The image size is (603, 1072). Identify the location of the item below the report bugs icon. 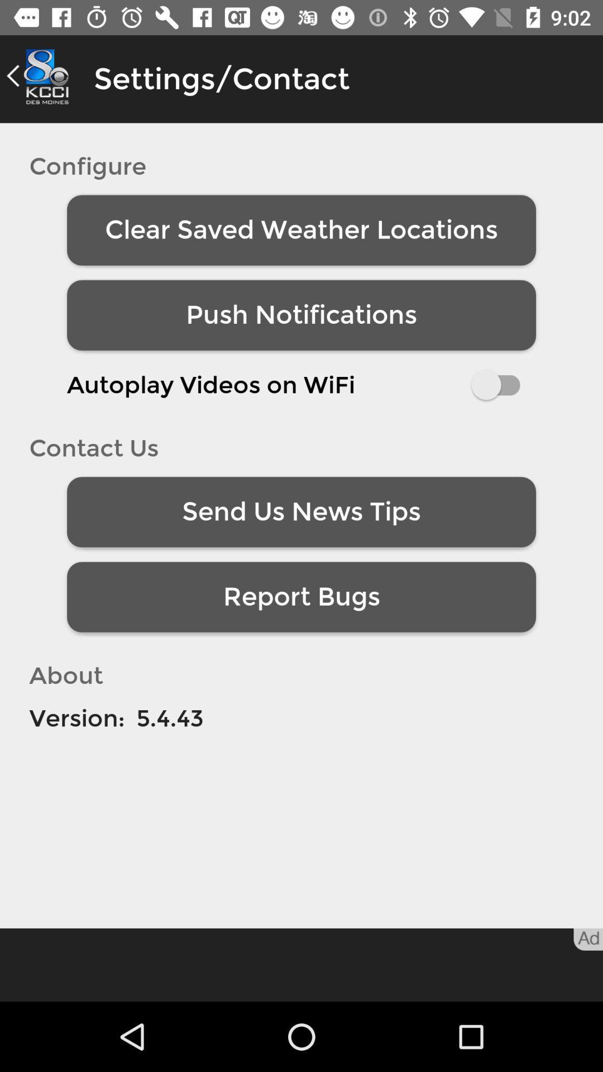
(170, 718).